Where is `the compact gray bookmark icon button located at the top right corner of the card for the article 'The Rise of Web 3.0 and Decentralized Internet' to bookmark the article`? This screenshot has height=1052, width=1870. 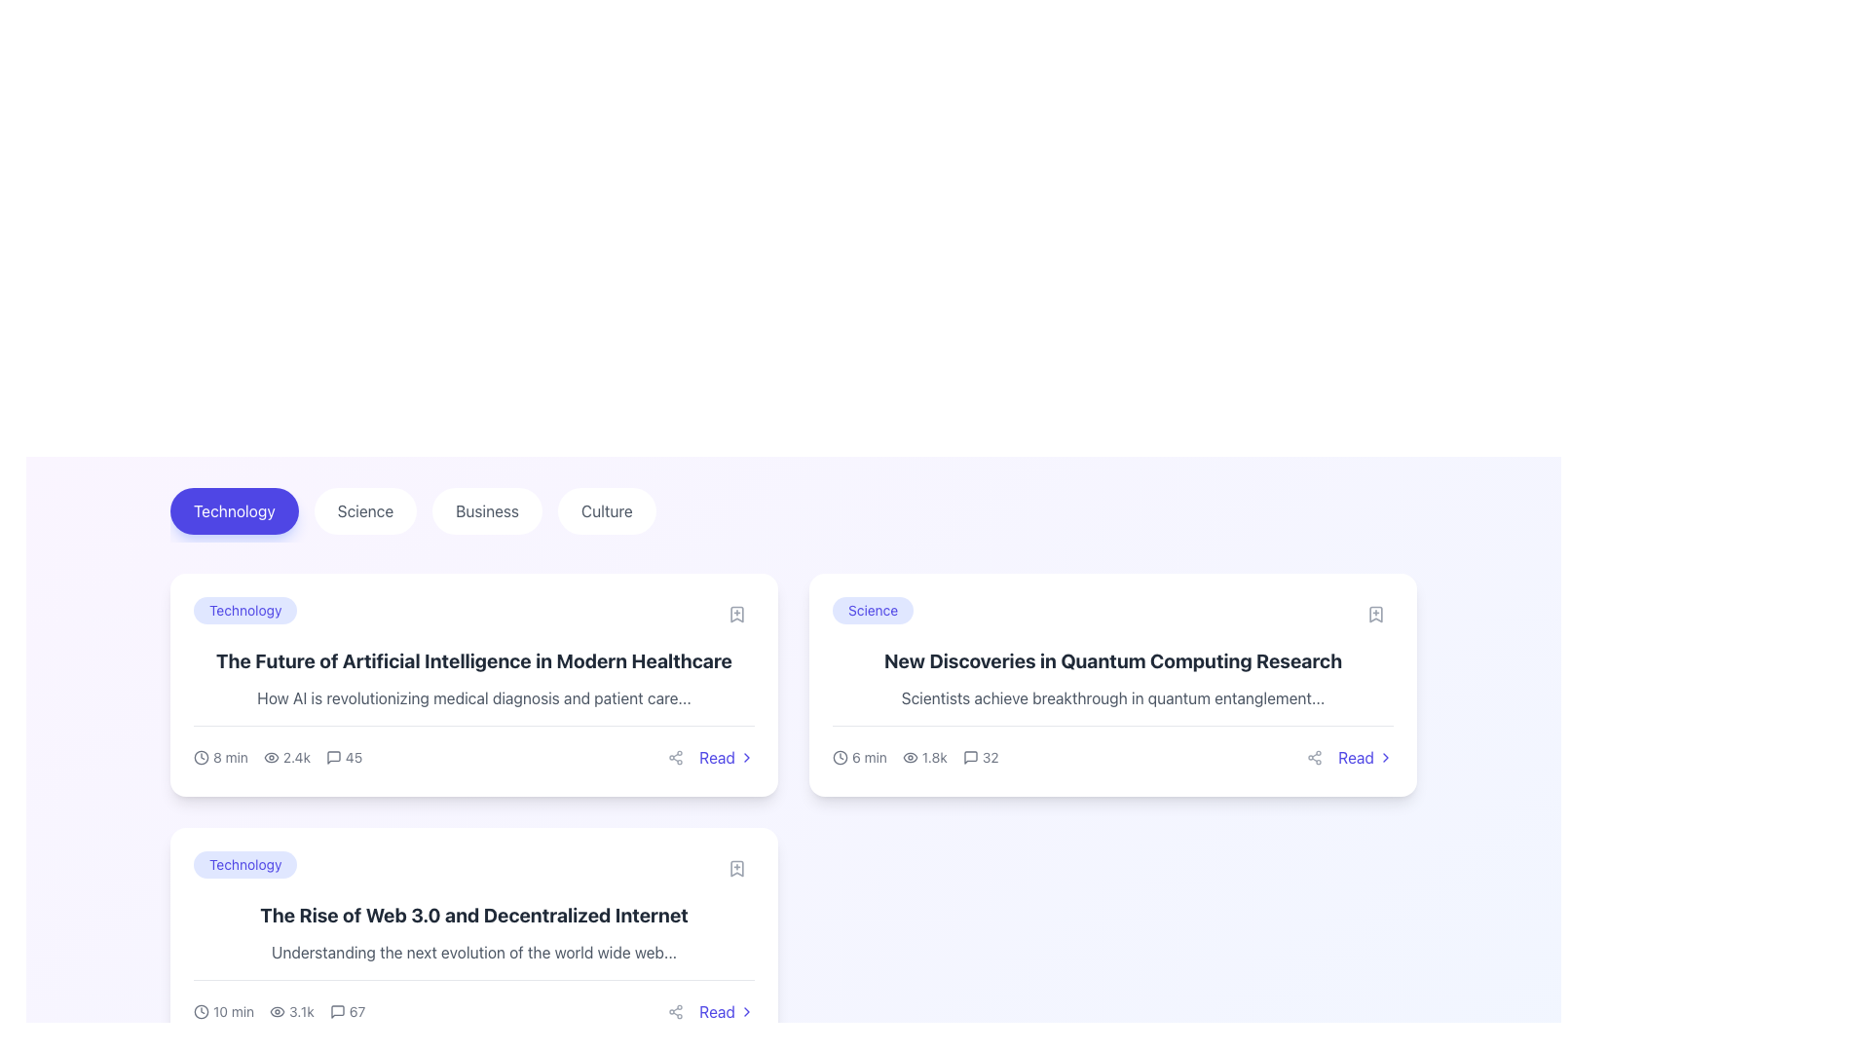 the compact gray bookmark icon button located at the top right corner of the card for the article 'The Rise of Web 3.0 and Decentralized Internet' to bookmark the article is located at coordinates (736, 867).